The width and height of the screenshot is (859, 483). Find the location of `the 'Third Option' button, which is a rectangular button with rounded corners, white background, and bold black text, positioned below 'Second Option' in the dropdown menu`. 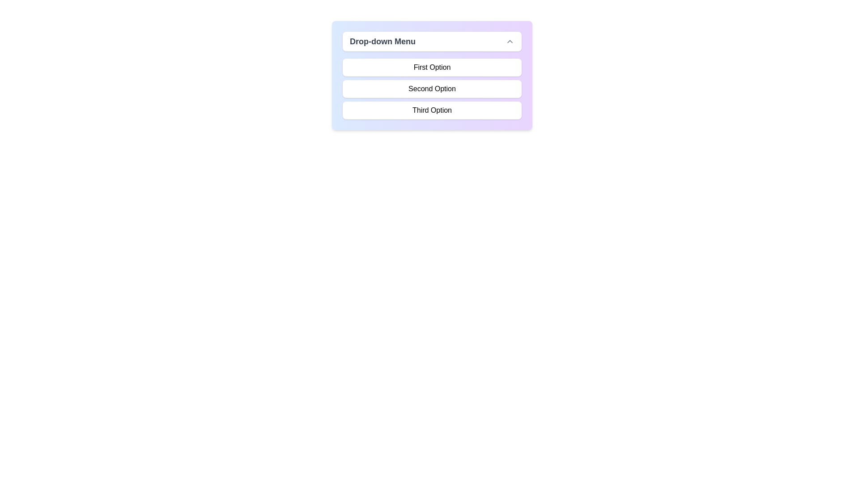

the 'Third Option' button, which is a rectangular button with rounded corners, white background, and bold black text, positioned below 'Second Option' in the dropdown menu is located at coordinates (432, 110).